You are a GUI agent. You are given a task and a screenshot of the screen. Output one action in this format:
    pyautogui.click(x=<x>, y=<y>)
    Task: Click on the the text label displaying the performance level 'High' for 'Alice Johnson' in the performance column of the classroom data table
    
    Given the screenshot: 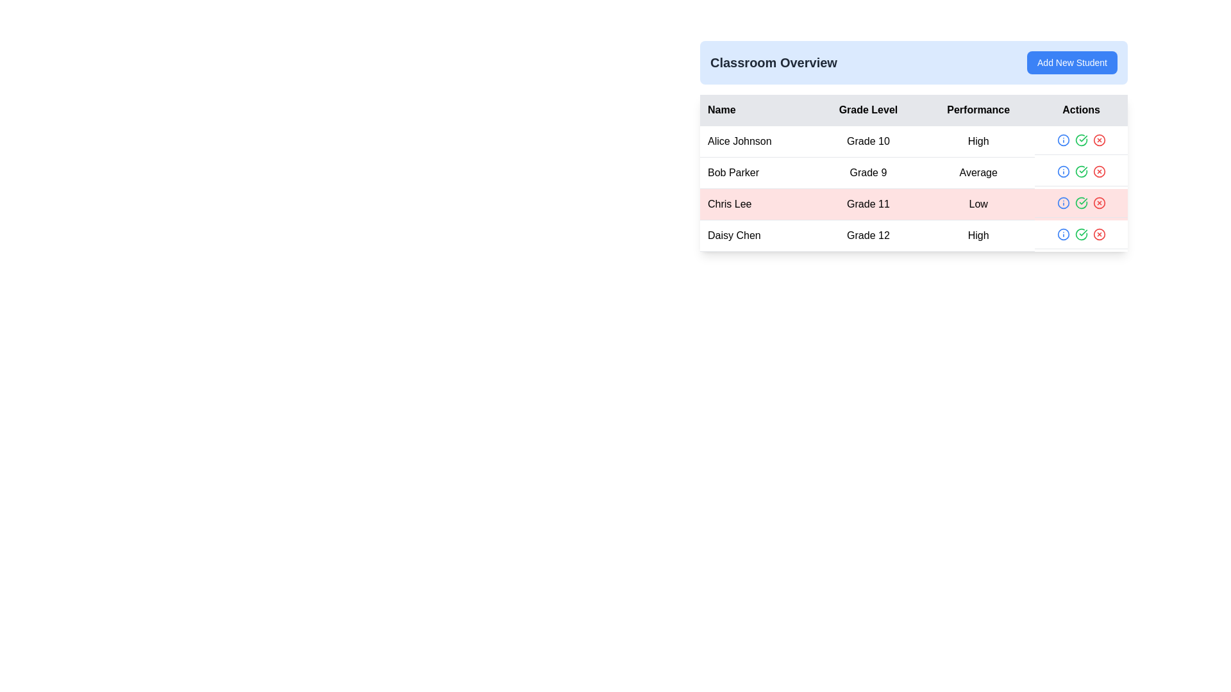 What is the action you would take?
    pyautogui.click(x=978, y=141)
    